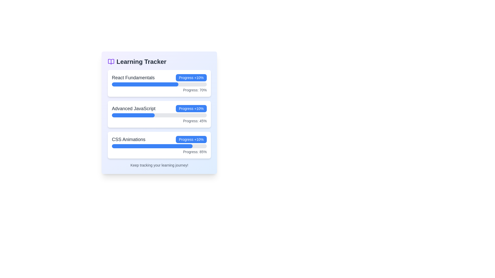 The width and height of the screenshot is (495, 278). What do you see at coordinates (191, 140) in the screenshot?
I see `the button that increments the progress for 'CSS Animations' by 10%` at bounding box center [191, 140].